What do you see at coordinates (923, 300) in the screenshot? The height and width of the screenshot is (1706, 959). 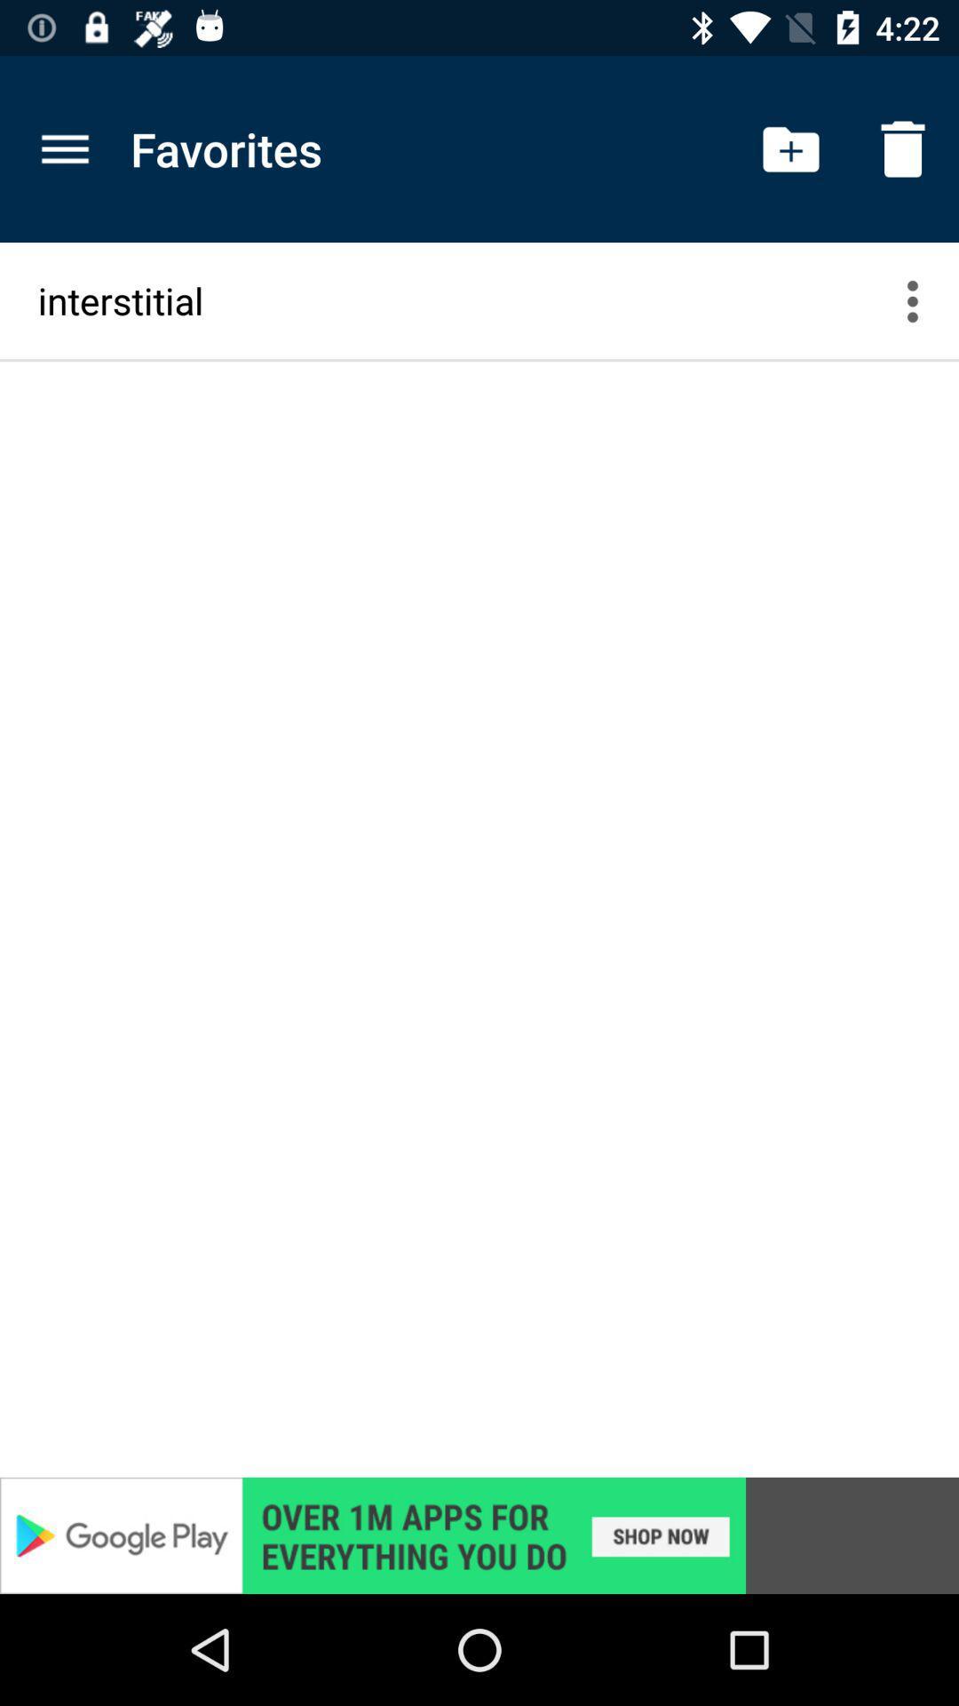 I see `more option` at bounding box center [923, 300].